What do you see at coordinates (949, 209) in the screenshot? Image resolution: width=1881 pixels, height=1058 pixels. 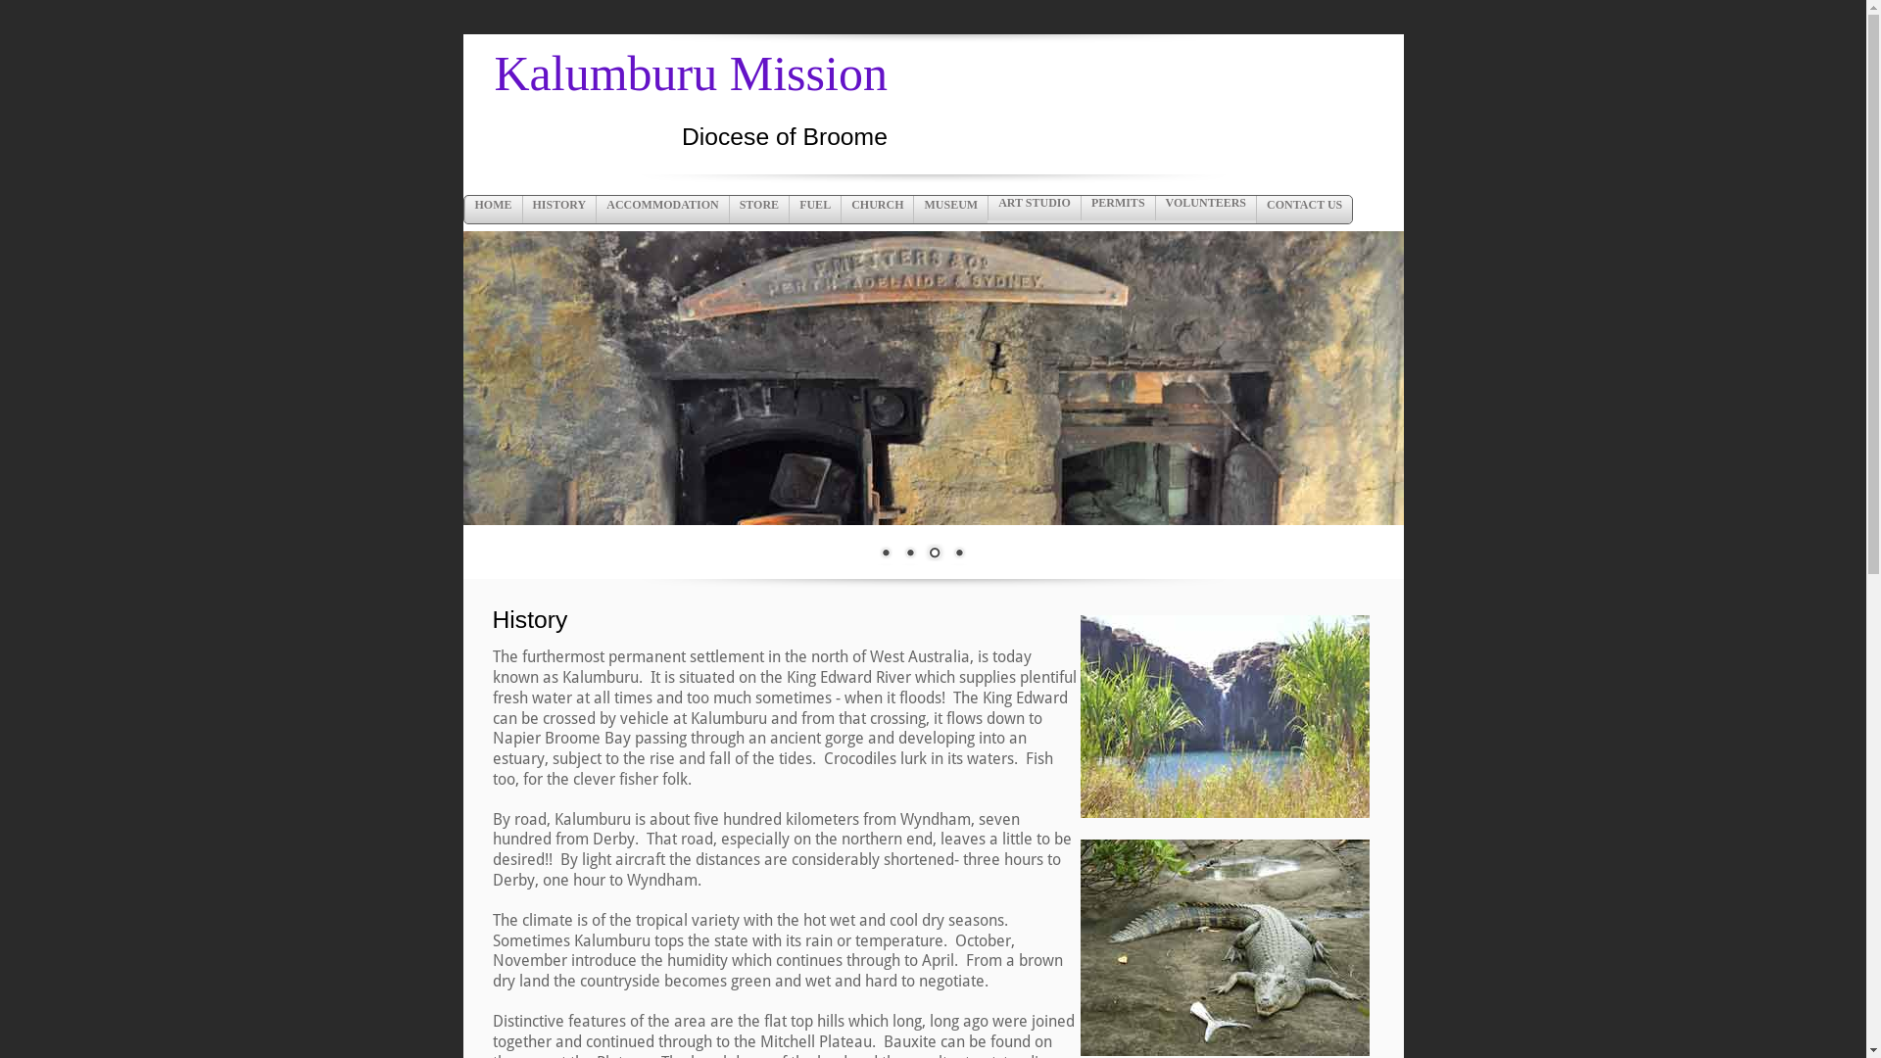 I see `'MUSEUM'` at bounding box center [949, 209].